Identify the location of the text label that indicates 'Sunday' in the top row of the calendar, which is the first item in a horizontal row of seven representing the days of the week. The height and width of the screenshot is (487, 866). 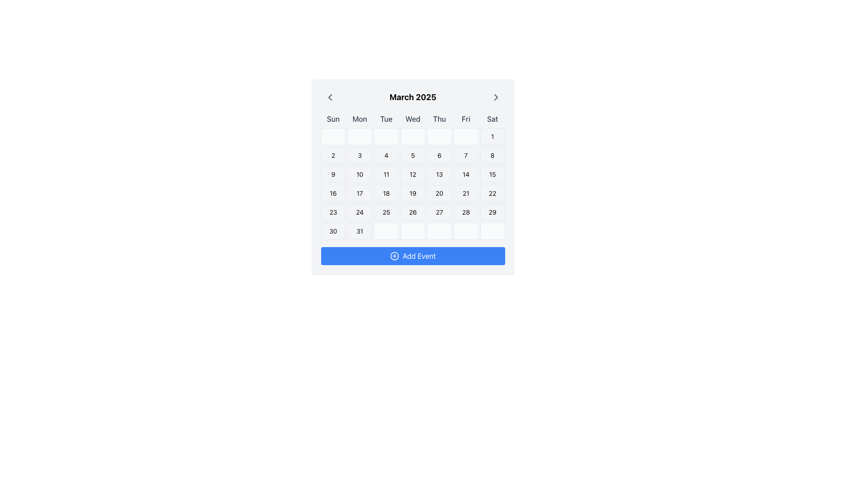
(333, 118).